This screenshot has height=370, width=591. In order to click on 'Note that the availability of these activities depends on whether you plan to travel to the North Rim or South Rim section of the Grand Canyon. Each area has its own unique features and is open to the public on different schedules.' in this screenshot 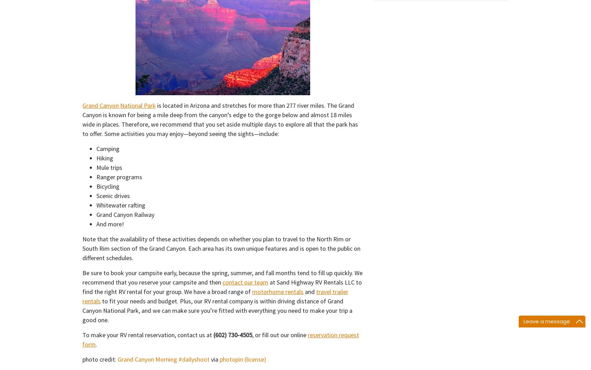, I will do `click(82, 248)`.